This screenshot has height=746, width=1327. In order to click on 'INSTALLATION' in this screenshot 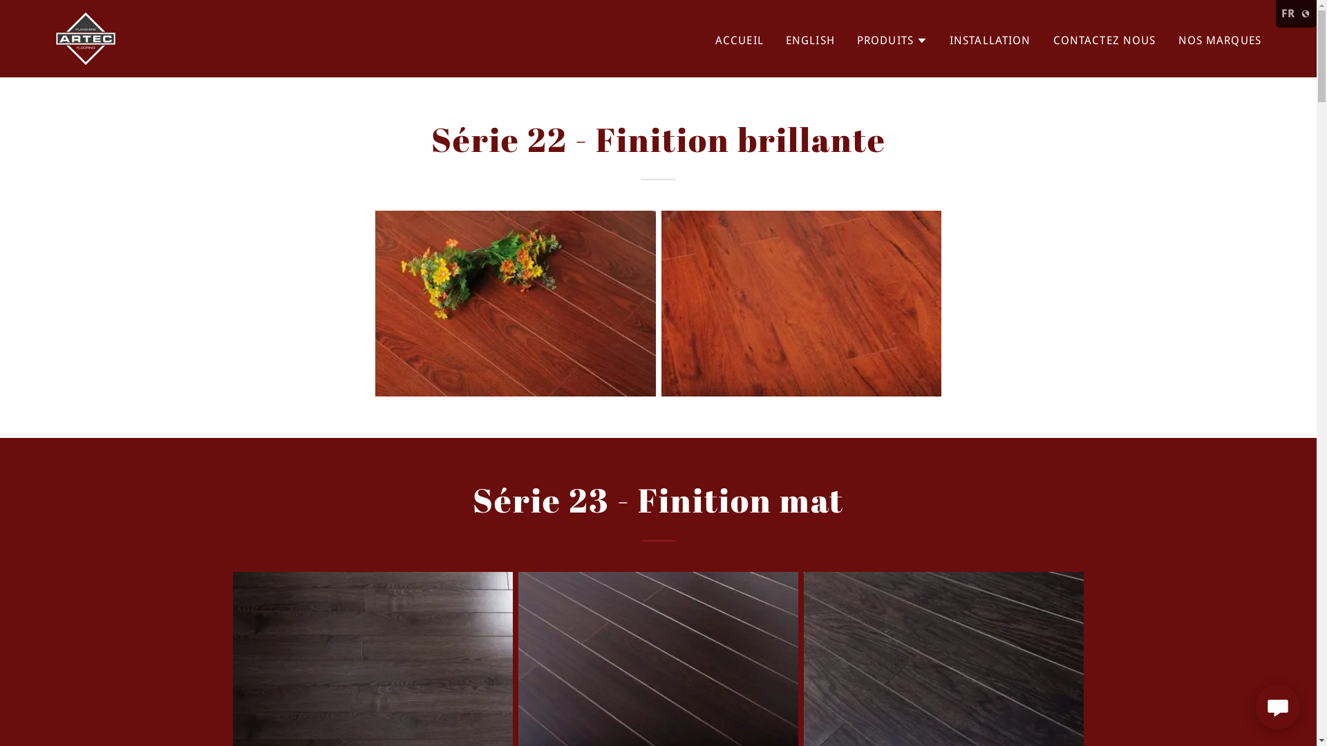, I will do `click(945, 39)`.